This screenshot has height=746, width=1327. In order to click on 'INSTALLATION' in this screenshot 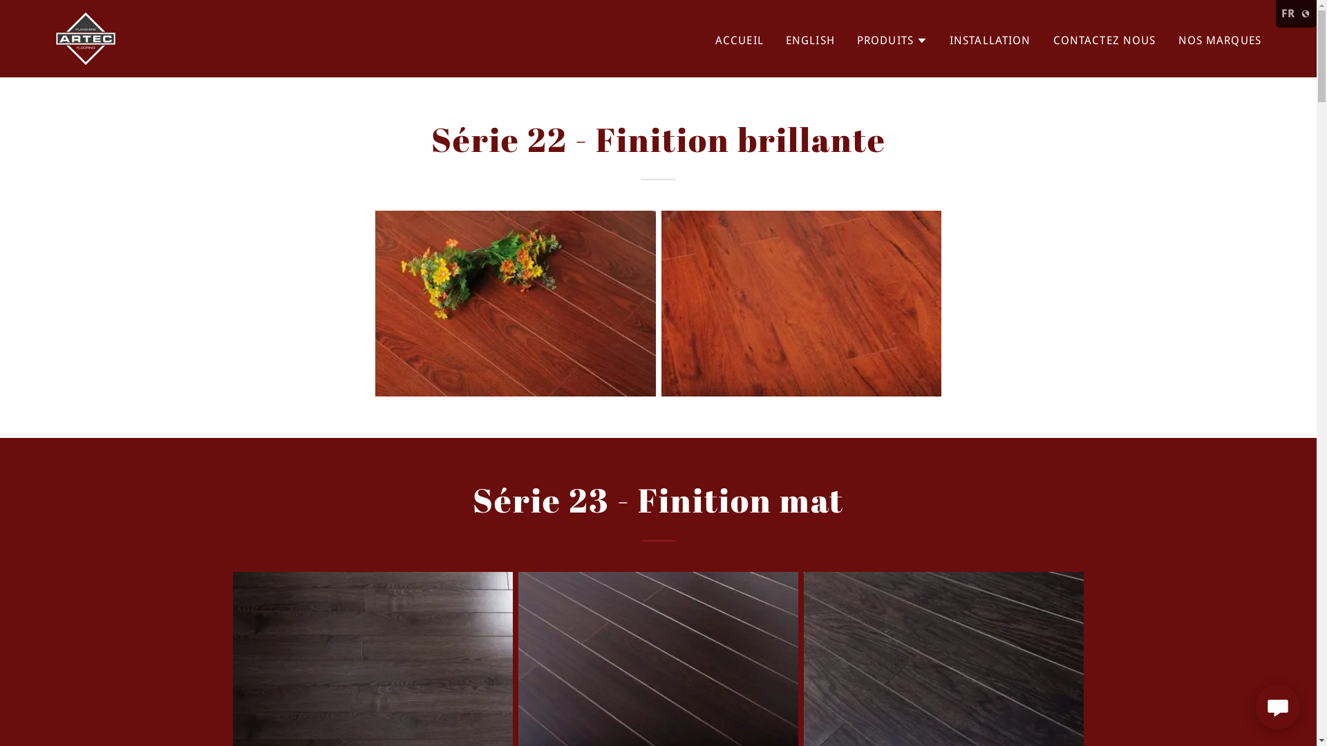, I will do `click(945, 39)`.